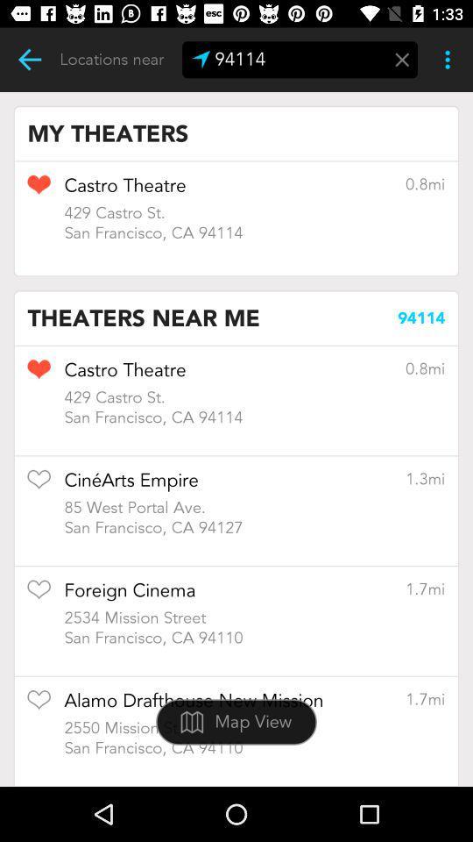 This screenshot has height=842, width=473. What do you see at coordinates (39, 705) in the screenshot?
I see `like option` at bounding box center [39, 705].